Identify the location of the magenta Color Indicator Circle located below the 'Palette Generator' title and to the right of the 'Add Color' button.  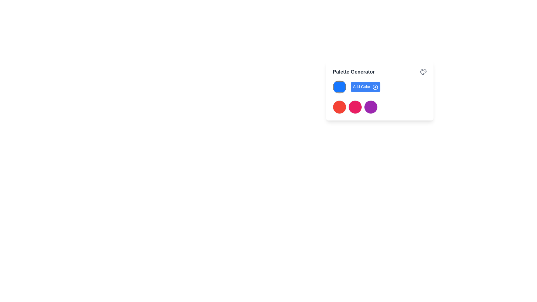
(355, 107).